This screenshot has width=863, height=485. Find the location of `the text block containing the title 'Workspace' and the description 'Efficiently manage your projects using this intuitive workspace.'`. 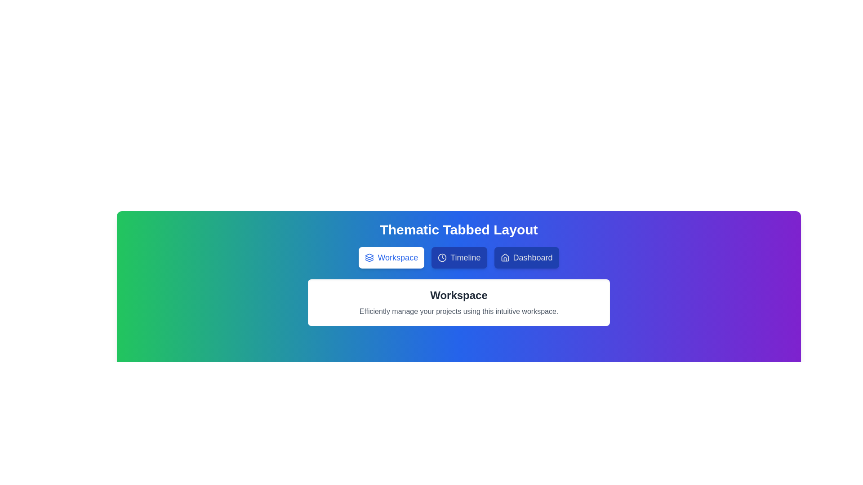

the text block containing the title 'Workspace' and the description 'Efficiently manage your projects using this intuitive workspace.' is located at coordinates (459, 303).